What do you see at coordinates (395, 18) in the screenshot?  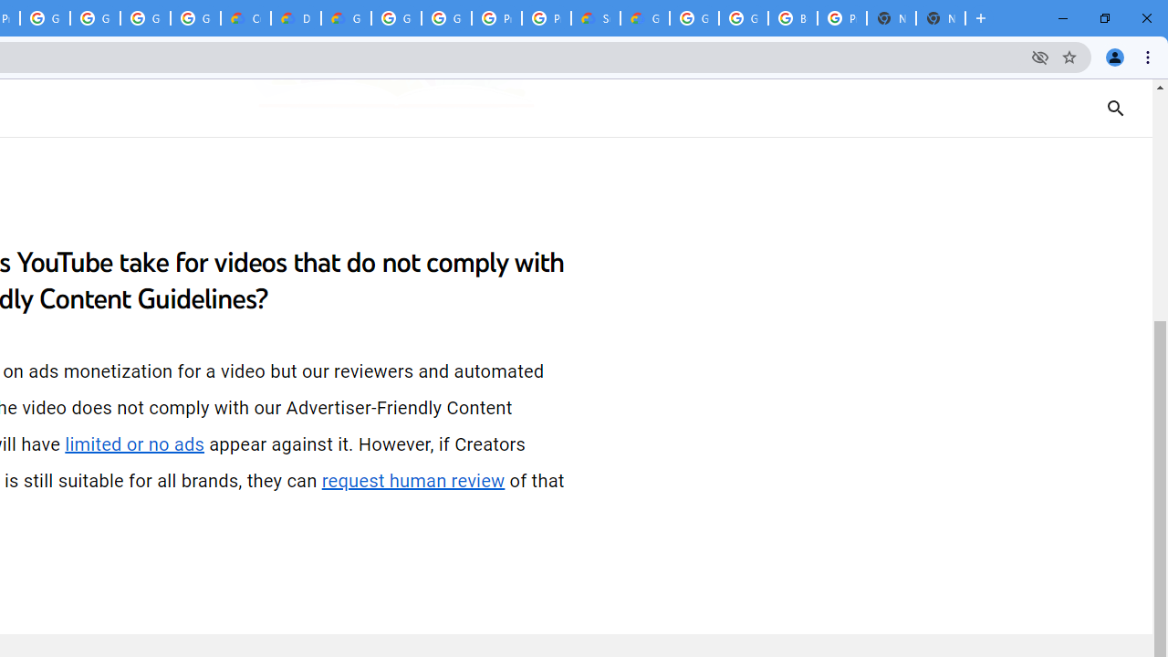 I see `'Google Cloud Platform'` at bounding box center [395, 18].